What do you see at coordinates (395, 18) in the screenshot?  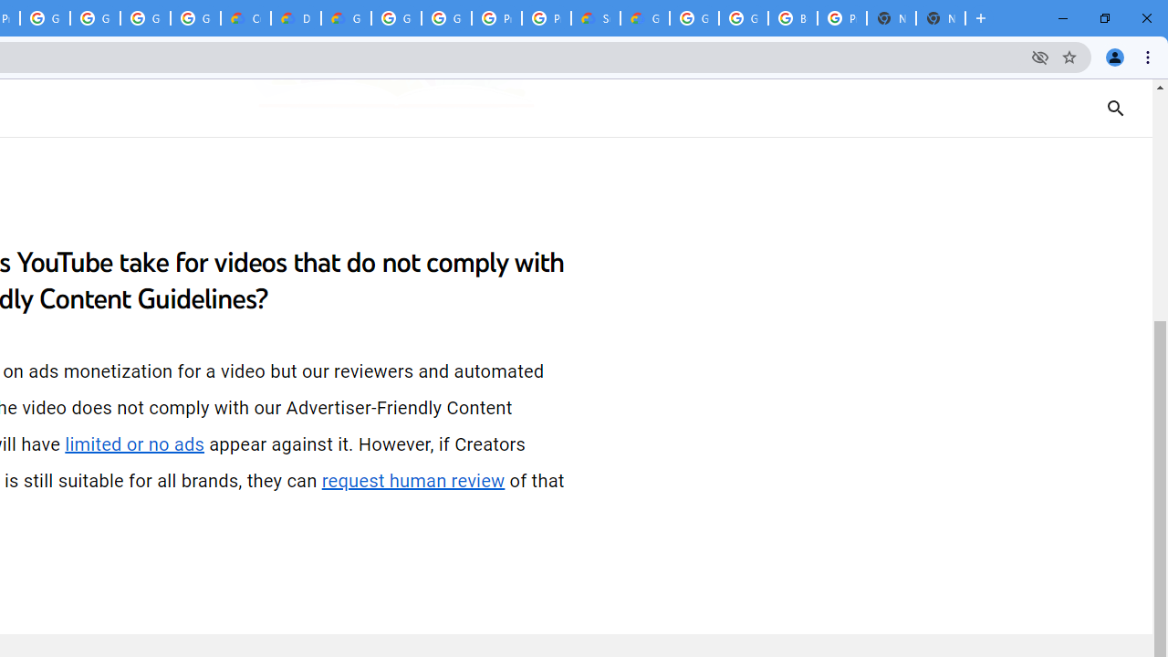 I see `'Google Cloud Platform'` at bounding box center [395, 18].